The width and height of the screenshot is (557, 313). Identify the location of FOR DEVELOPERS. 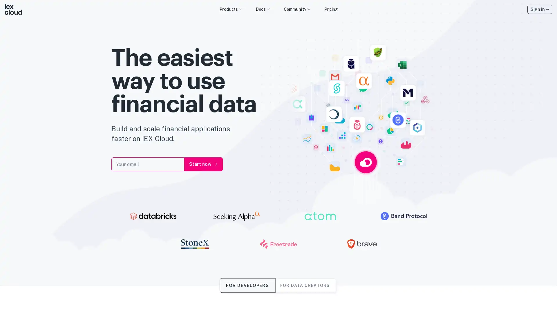
(247, 285).